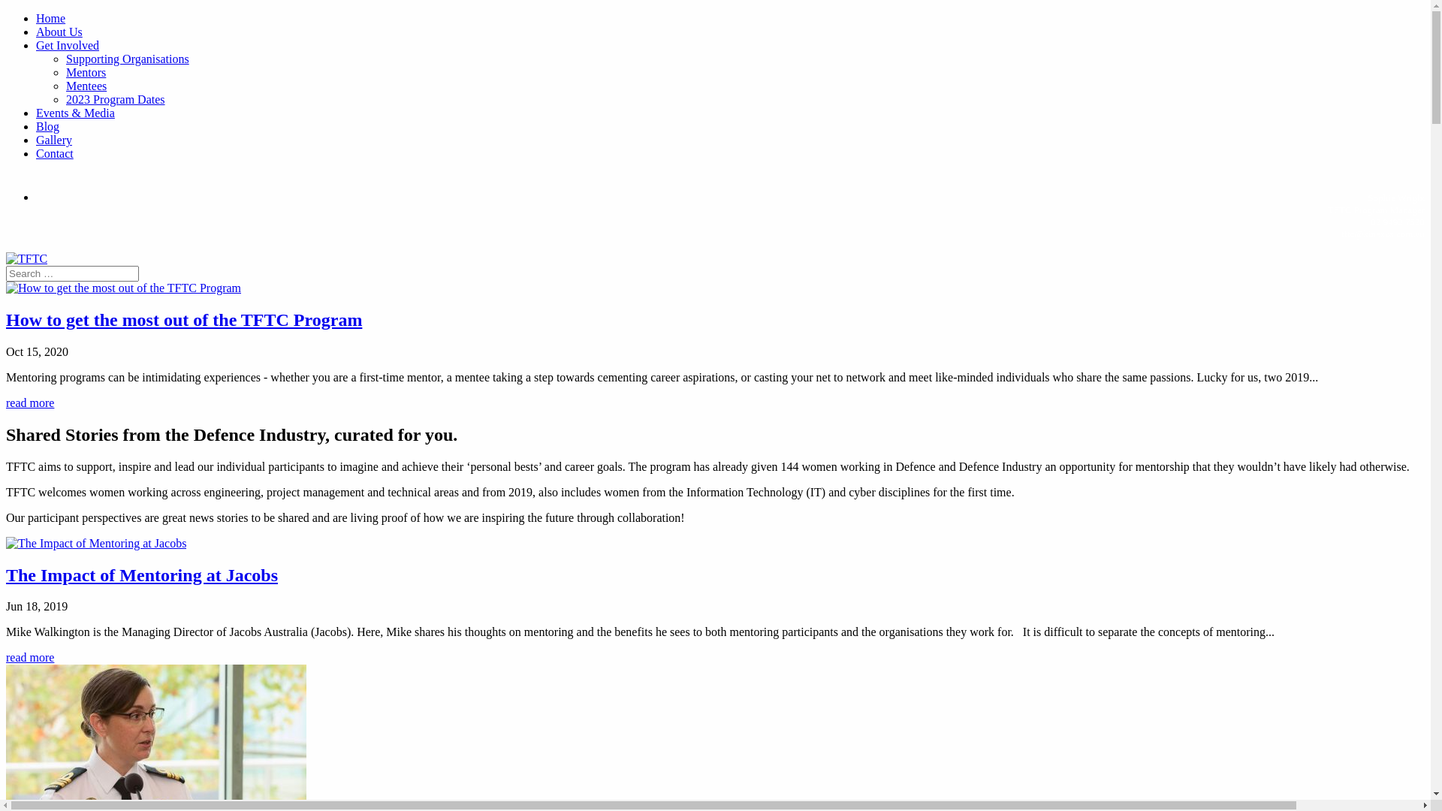 Image resolution: width=1442 pixels, height=811 pixels. What do you see at coordinates (67, 44) in the screenshot?
I see `'Get Involved'` at bounding box center [67, 44].